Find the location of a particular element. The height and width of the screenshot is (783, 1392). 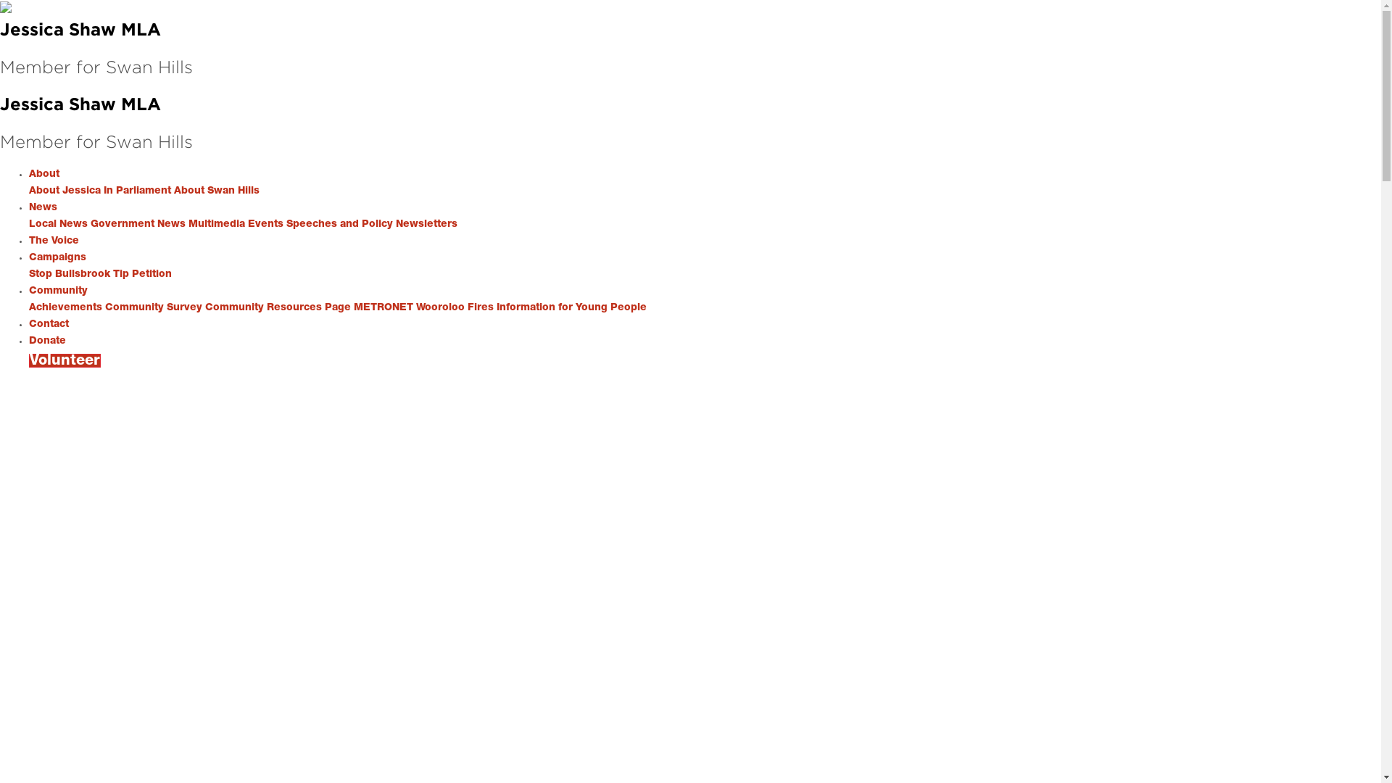

'The Voice' is located at coordinates (54, 239).